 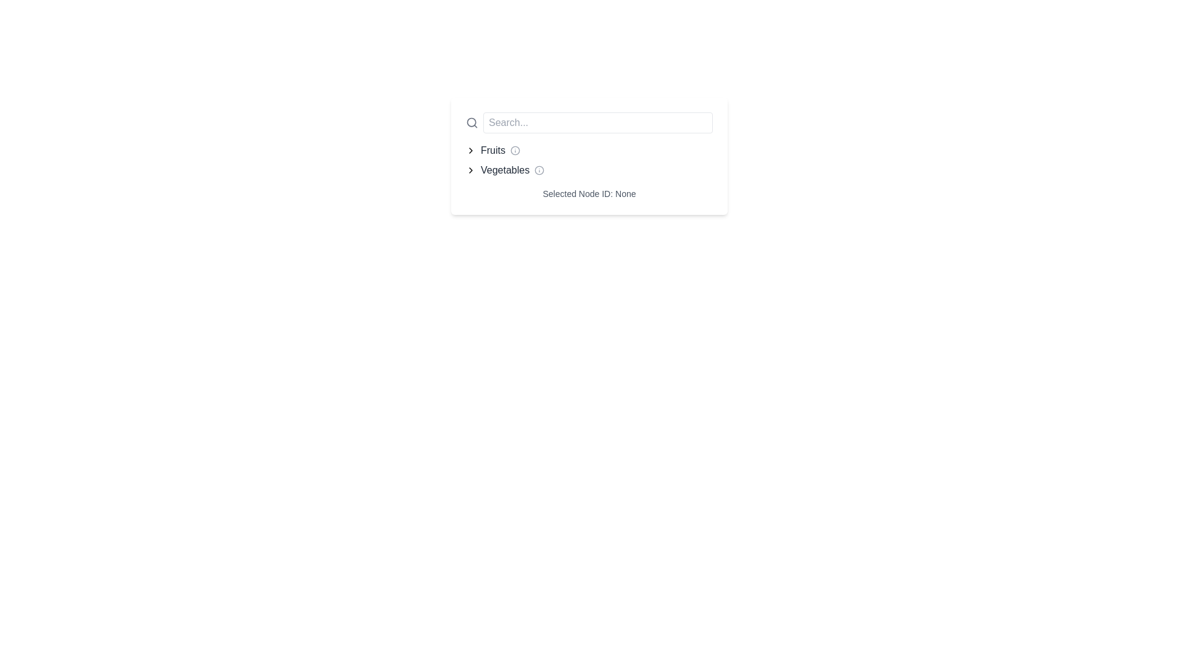 I want to click on the circular icon element that is part of the information icon located to the right of the 'Vegetables' category label, so click(x=539, y=170).